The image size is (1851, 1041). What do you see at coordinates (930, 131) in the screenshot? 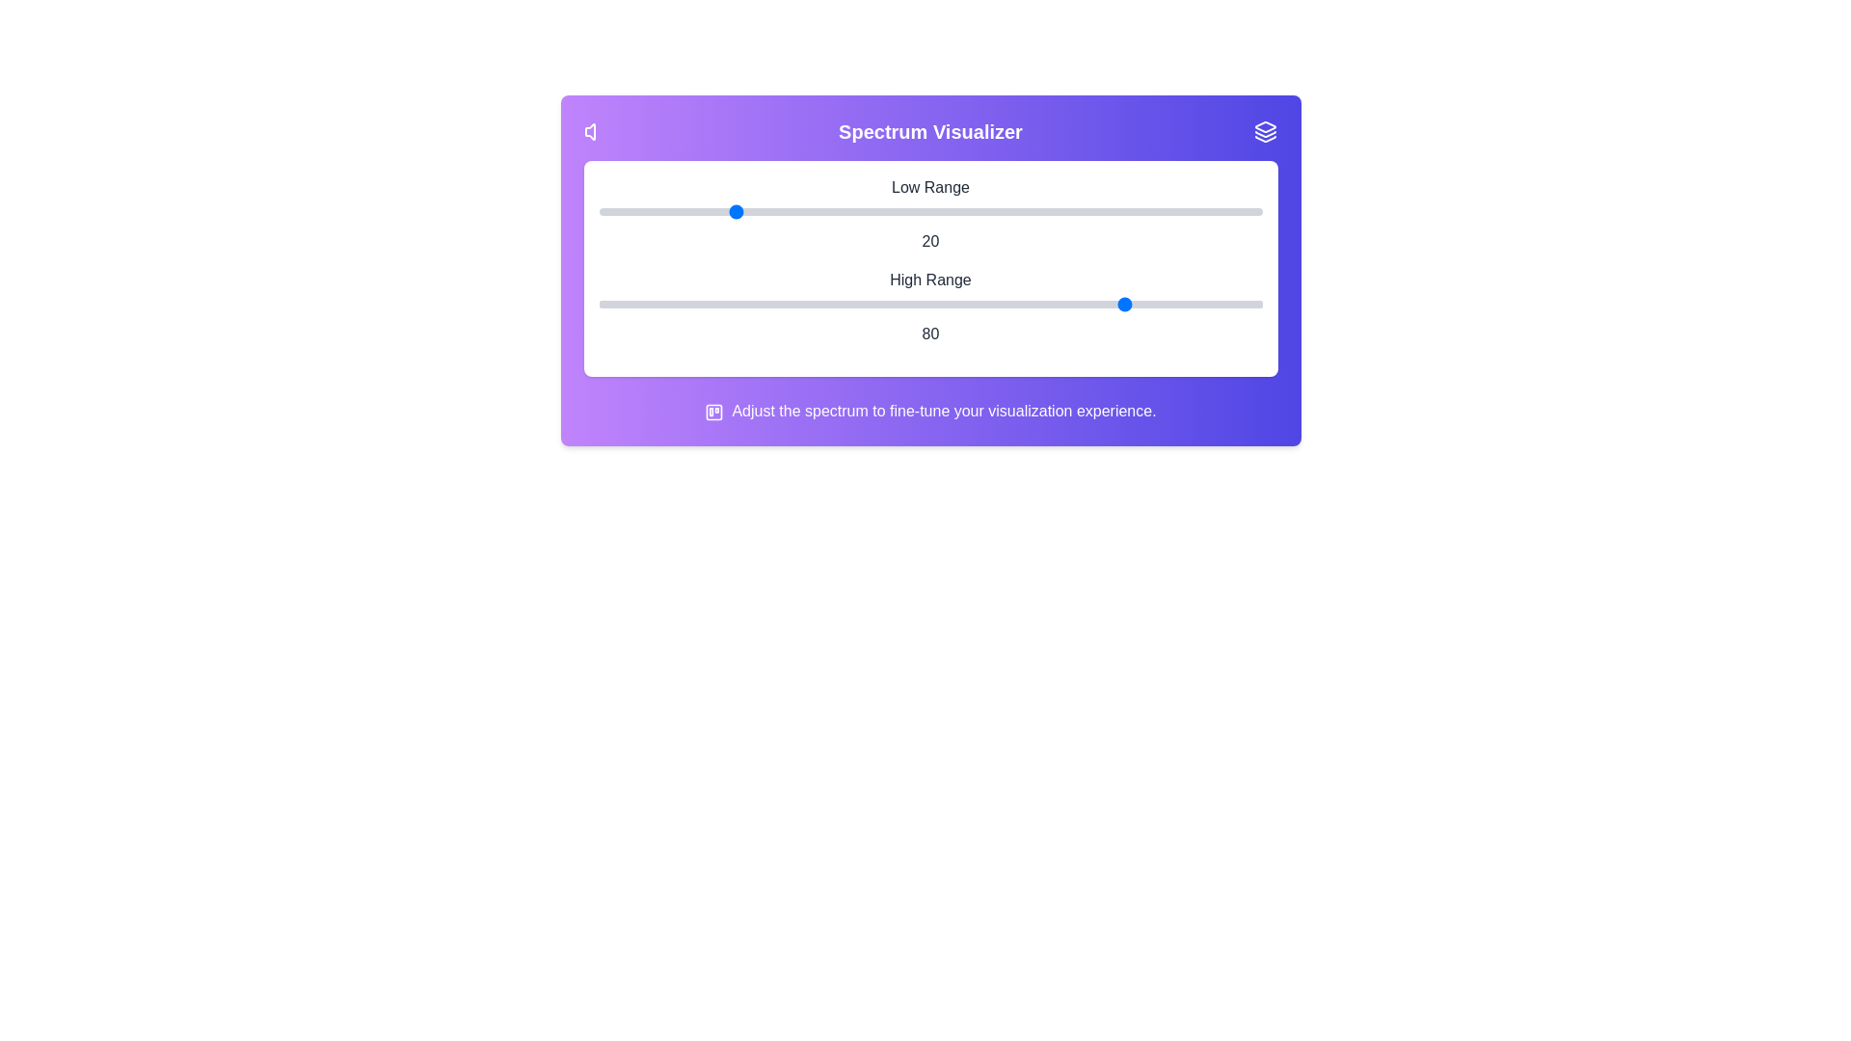
I see `the text 'Spectrum Visualizer' for contextual information` at bounding box center [930, 131].